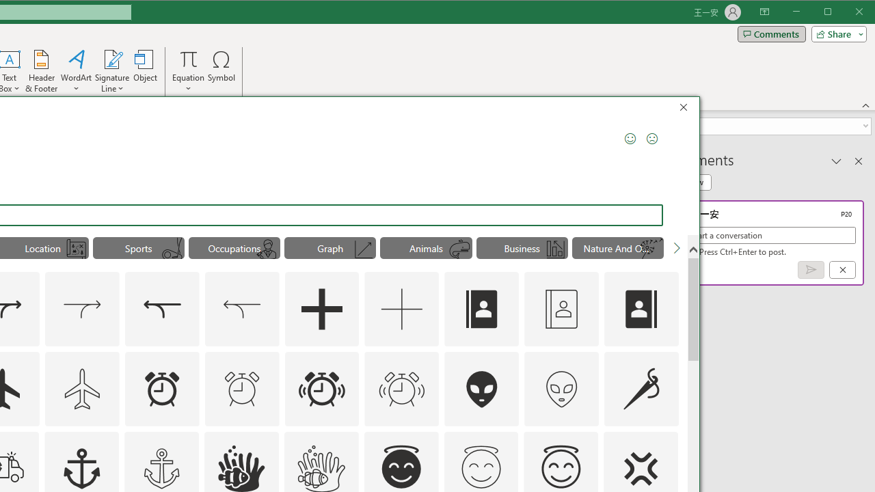 The image size is (875, 492). I want to click on '"Nature And Outdoors" Icons.', so click(617, 247).